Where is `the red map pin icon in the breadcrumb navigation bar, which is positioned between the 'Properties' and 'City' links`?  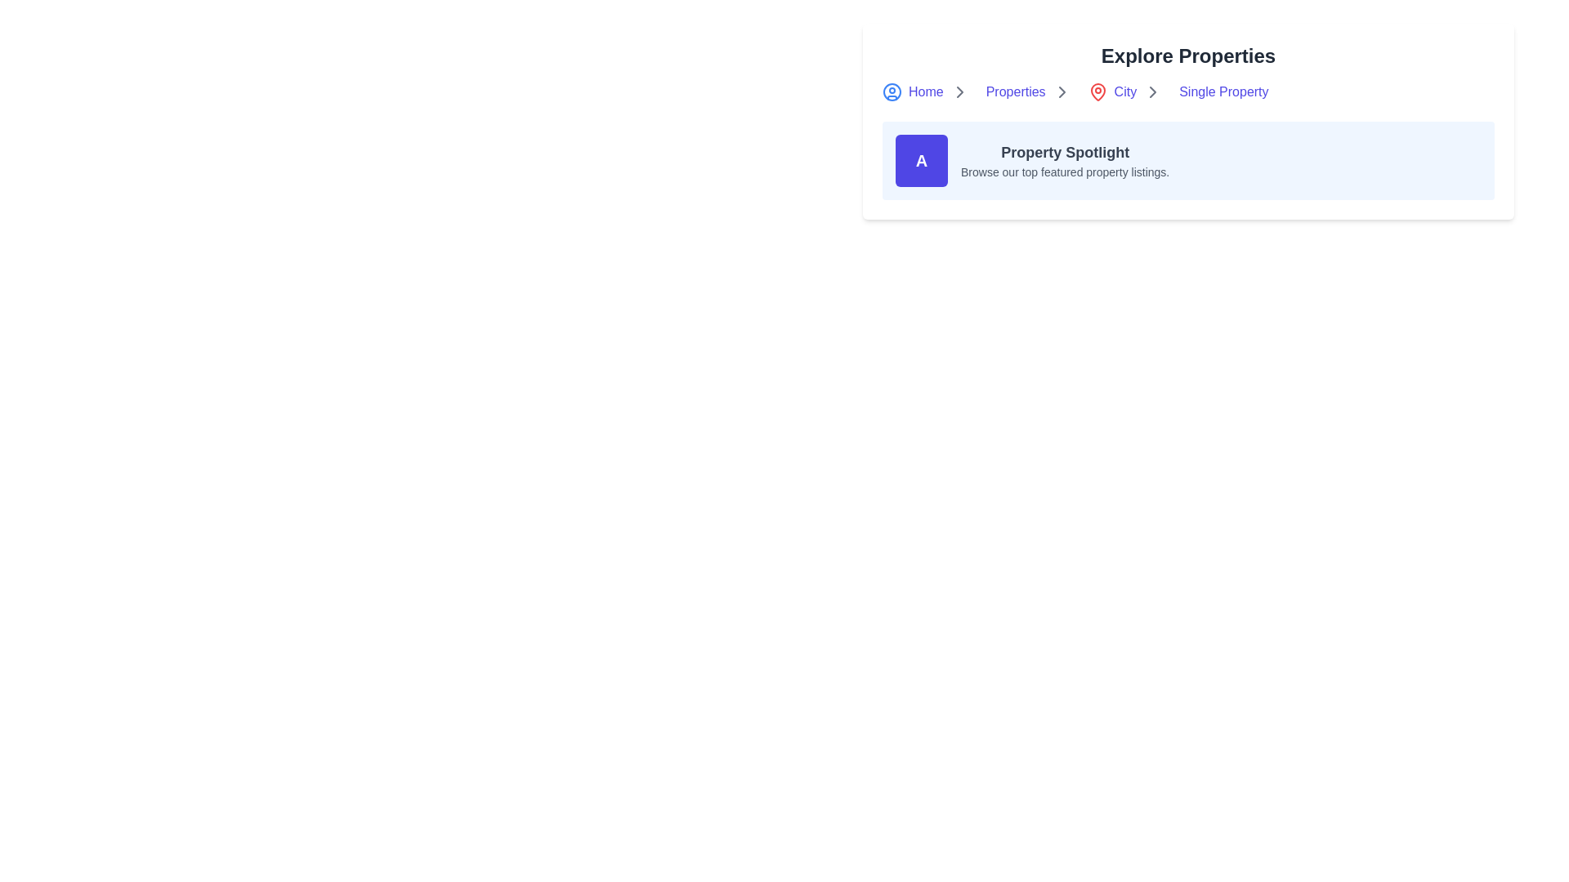 the red map pin icon in the breadcrumb navigation bar, which is positioned between the 'Properties' and 'City' links is located at coordinates (1097, 91).